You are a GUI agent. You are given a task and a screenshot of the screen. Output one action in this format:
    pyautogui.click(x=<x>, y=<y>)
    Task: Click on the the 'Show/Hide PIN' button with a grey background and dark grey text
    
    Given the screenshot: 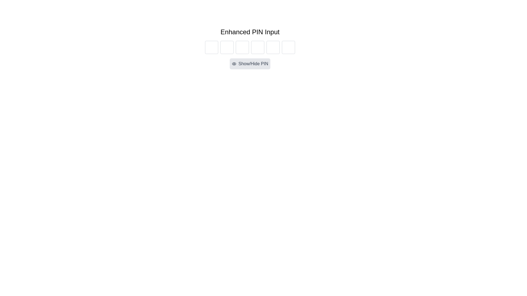 What is the action you would take?
    pyautogui.click(x=250, y=63)
    